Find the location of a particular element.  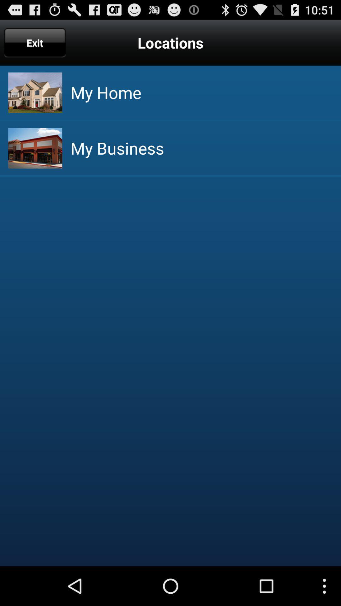

icon below my home is located at coordinates (117, 148).